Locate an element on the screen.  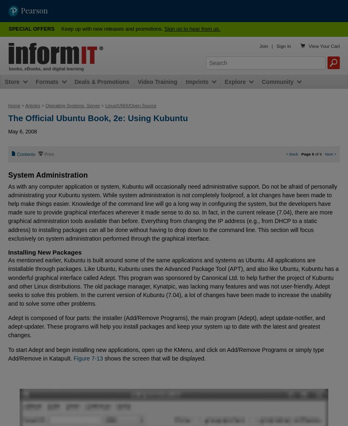
'Back' is located at coordinates (293, 153).